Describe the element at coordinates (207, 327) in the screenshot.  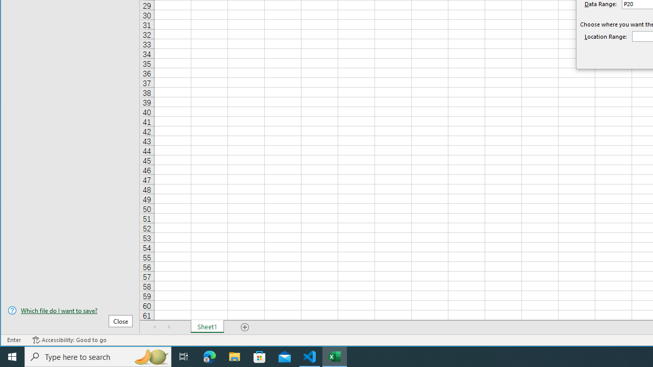
I see `'Sheet1'` at that location.